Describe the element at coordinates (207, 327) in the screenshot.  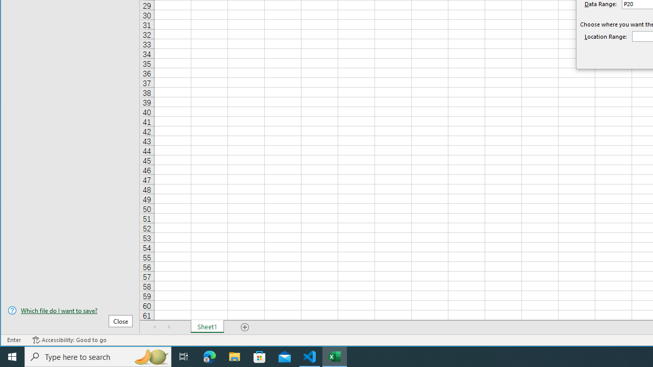
I see `'Sheet1'` at that location.